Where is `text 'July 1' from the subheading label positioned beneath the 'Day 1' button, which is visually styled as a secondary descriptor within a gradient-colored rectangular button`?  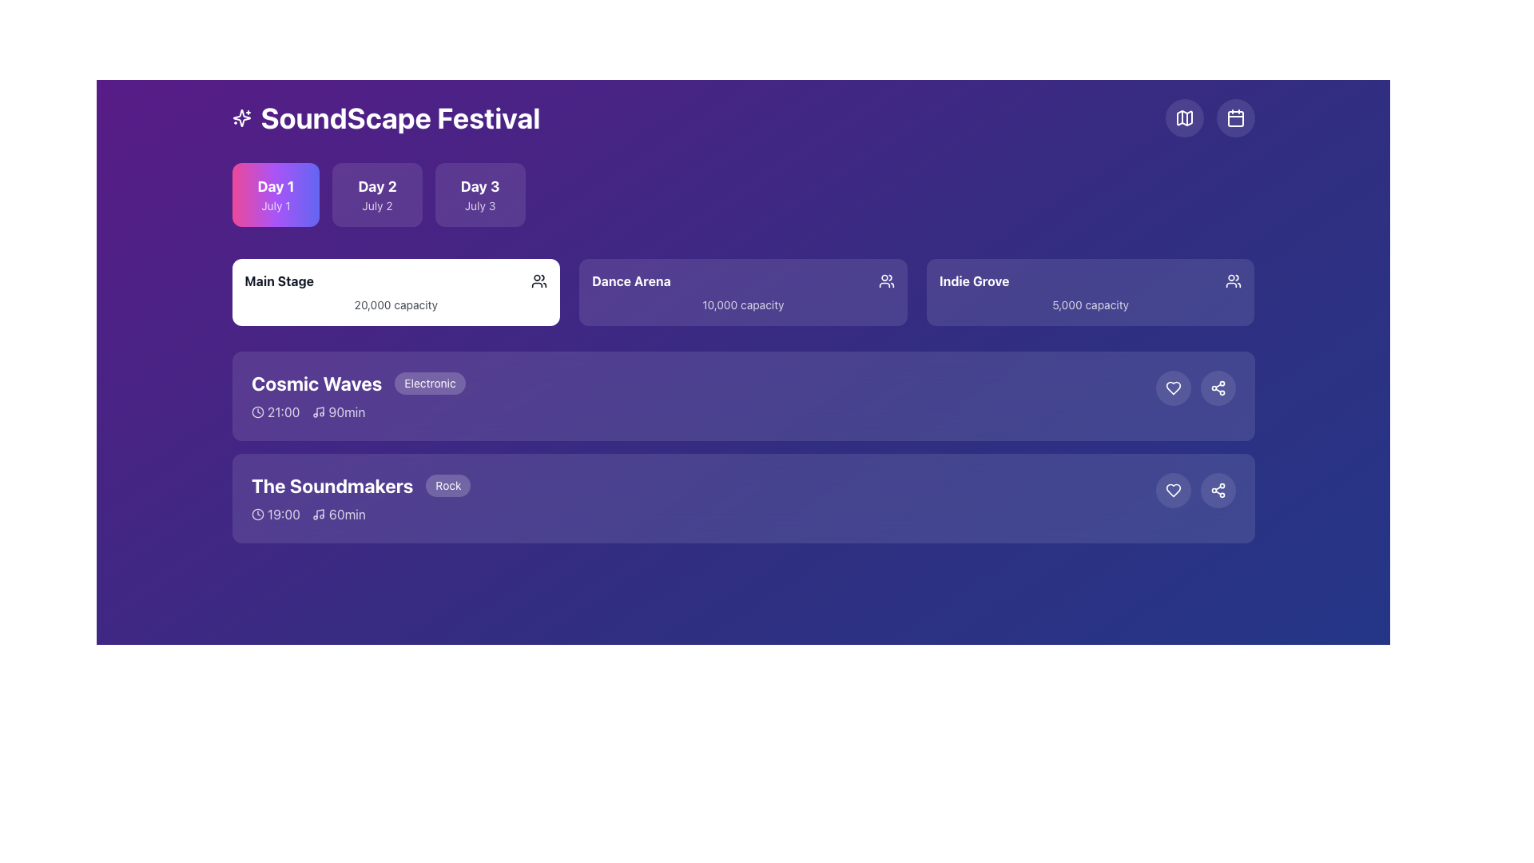 text 'July 1' from the subheading label positioned beneath the 'Day 1' button, which is visually styled as a secondary descriptor within a gradient-colored rectangular button is located at coordinates (276, 205).